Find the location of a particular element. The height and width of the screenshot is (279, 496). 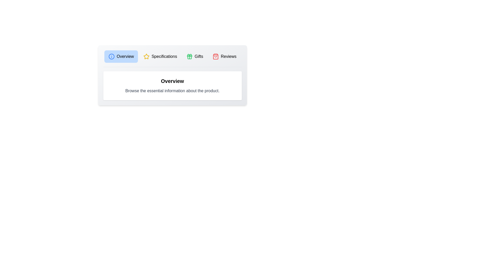

the Gifts tab to display its content is located at coordinates (194, 57).